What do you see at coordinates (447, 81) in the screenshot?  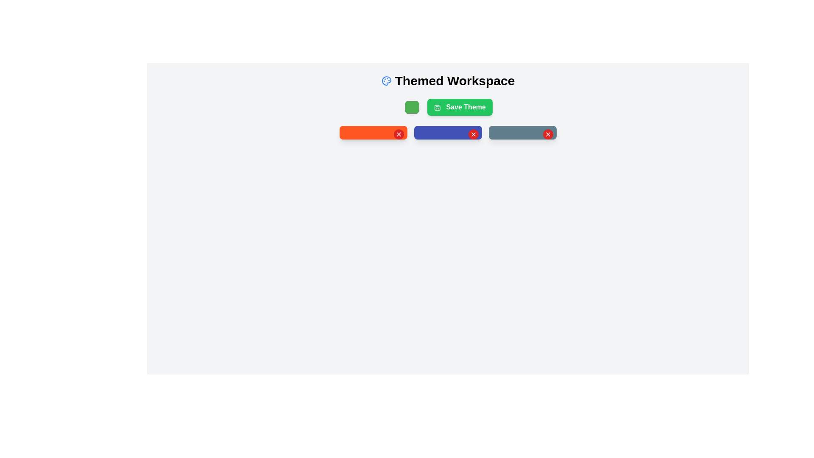 I see `the centered text label reading 'Themed Workspace', which is styled in bold font and accompanied by a blue palette icon on the left side` at bounding box center [447, 81].